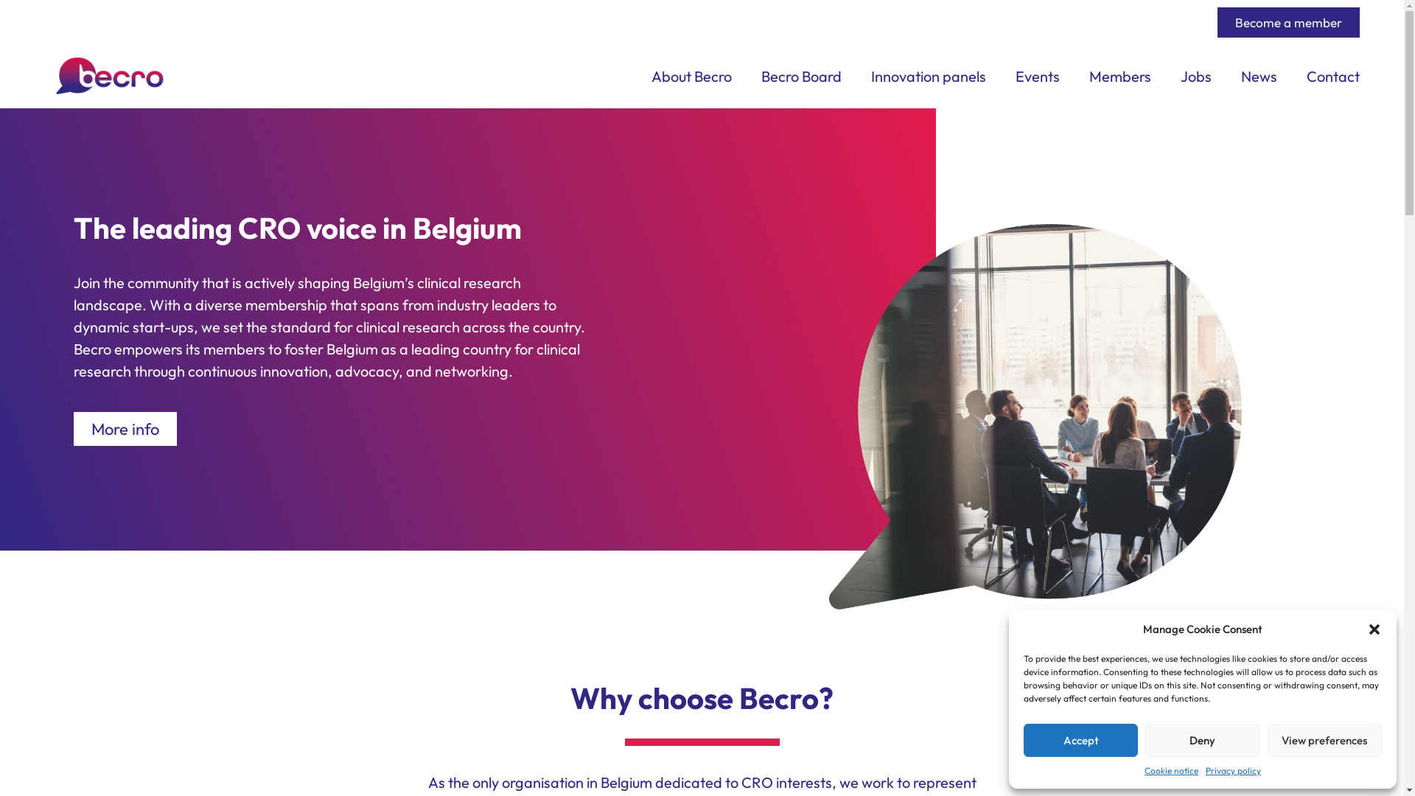  What do you see at coordinates (1233, 769) in the screenshot?
I see `'Privacy policy'` at bounding box center [1233, 769].